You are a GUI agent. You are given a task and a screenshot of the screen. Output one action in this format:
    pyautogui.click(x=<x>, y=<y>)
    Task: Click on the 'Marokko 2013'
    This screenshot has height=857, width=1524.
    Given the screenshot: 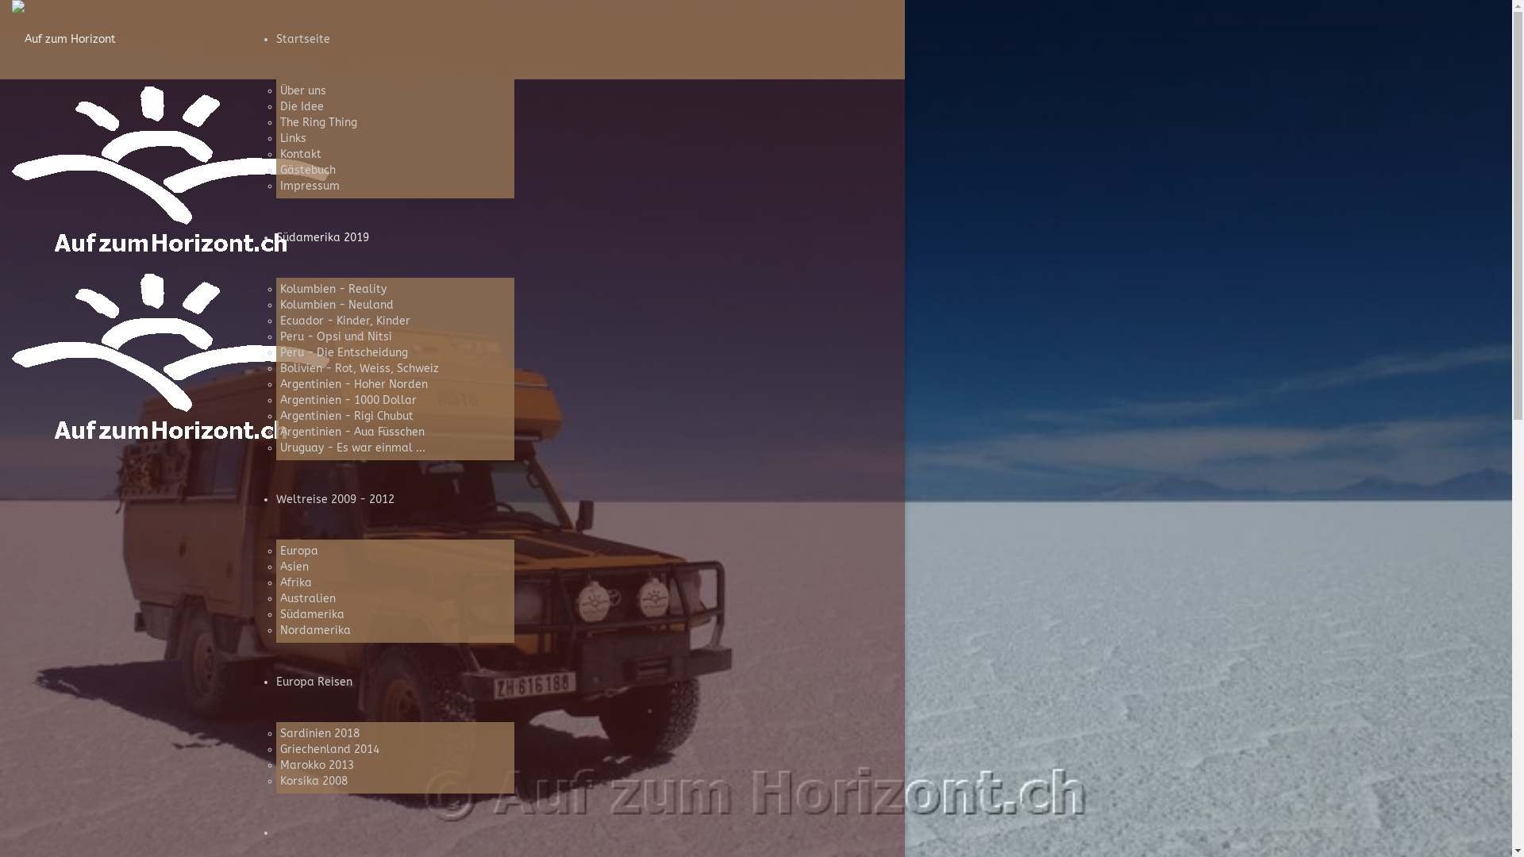 What is the action you would take?
    pyautogui.click(x=316, y=764)
    